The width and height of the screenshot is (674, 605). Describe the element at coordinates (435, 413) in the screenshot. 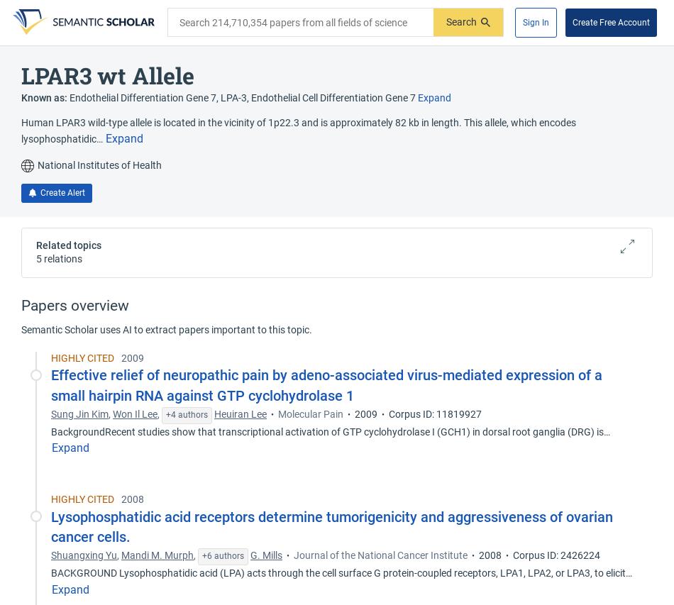

I see `'Corpus ID: 11819927'` at that location.